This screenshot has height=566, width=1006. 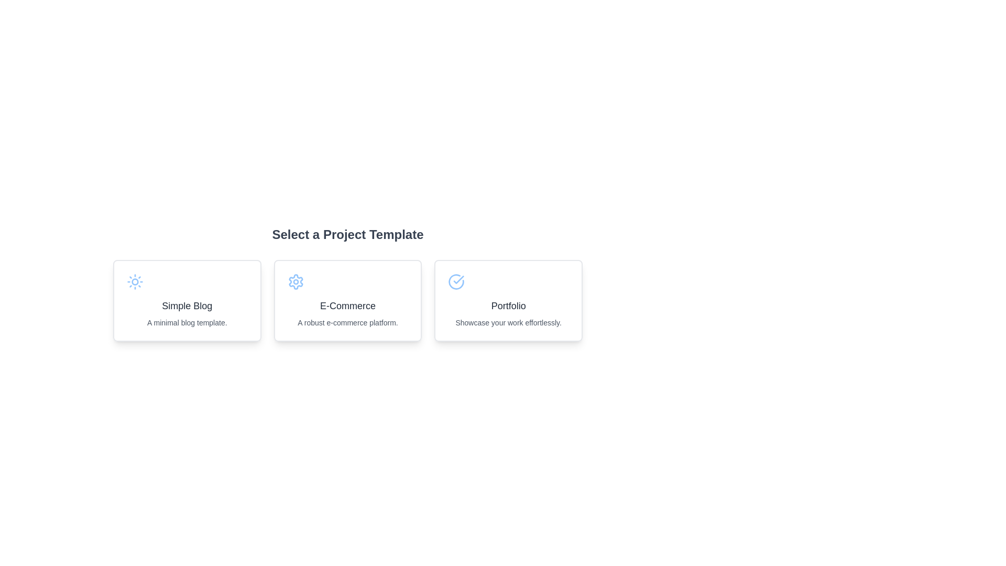 What do you see at coordinates (295, 281) in the screenshot?
I see `the light blue gear icon representing settings within the 'E-Commerce' card, positioned above the 'E-Commerce' text` at bounding box center [295, 281].